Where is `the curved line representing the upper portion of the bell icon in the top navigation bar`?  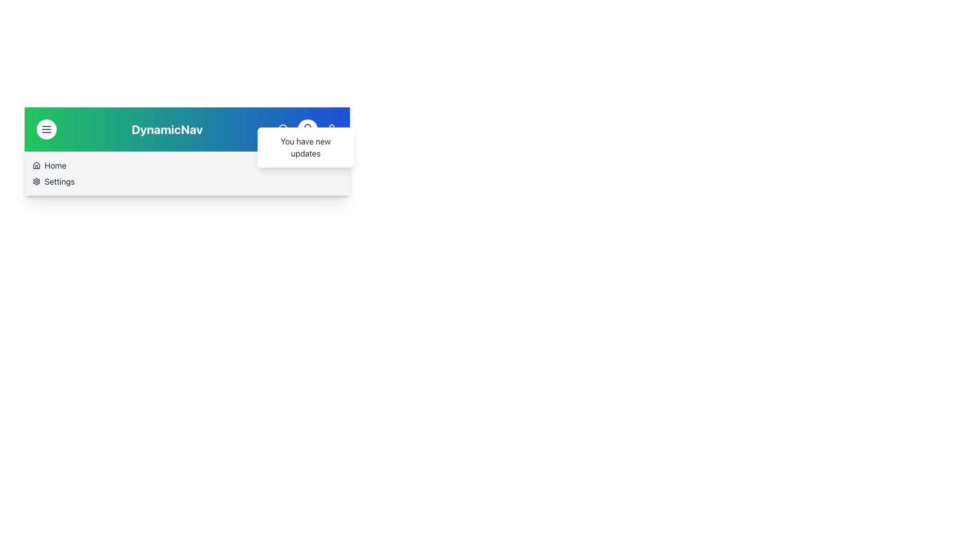
the curved line representing the upper portion of the bell icon in the top navigation bar is located at coordinates (307, 127).